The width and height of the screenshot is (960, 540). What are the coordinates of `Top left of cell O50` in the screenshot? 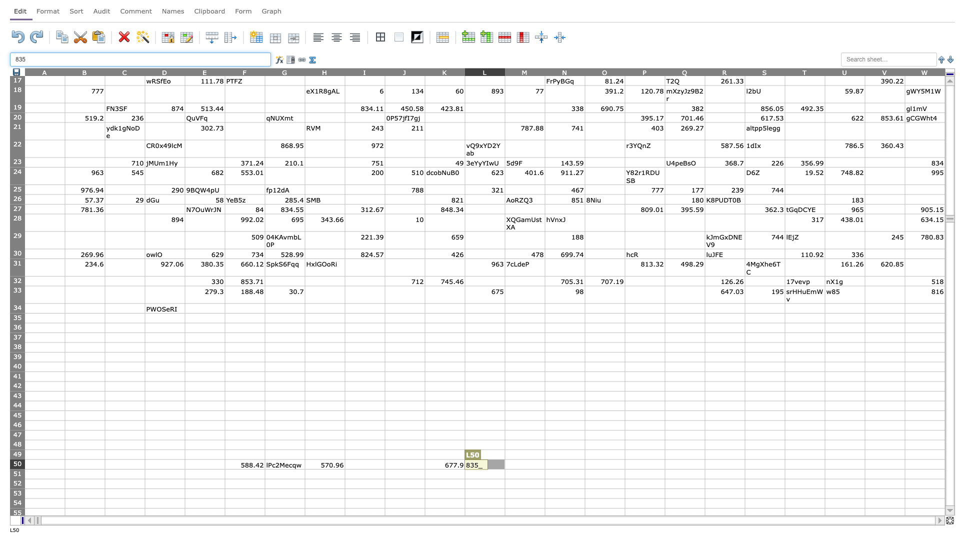 It's located at (585, 459).